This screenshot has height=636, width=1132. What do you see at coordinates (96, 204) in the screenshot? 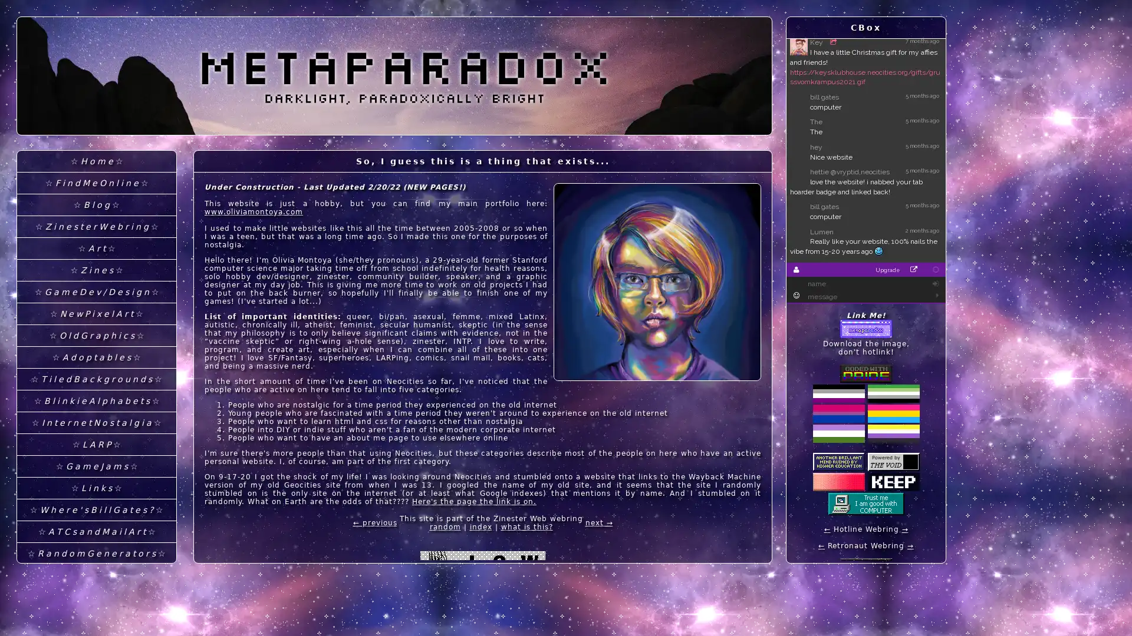
I see `B l o g` at bounding box center [96, 204].